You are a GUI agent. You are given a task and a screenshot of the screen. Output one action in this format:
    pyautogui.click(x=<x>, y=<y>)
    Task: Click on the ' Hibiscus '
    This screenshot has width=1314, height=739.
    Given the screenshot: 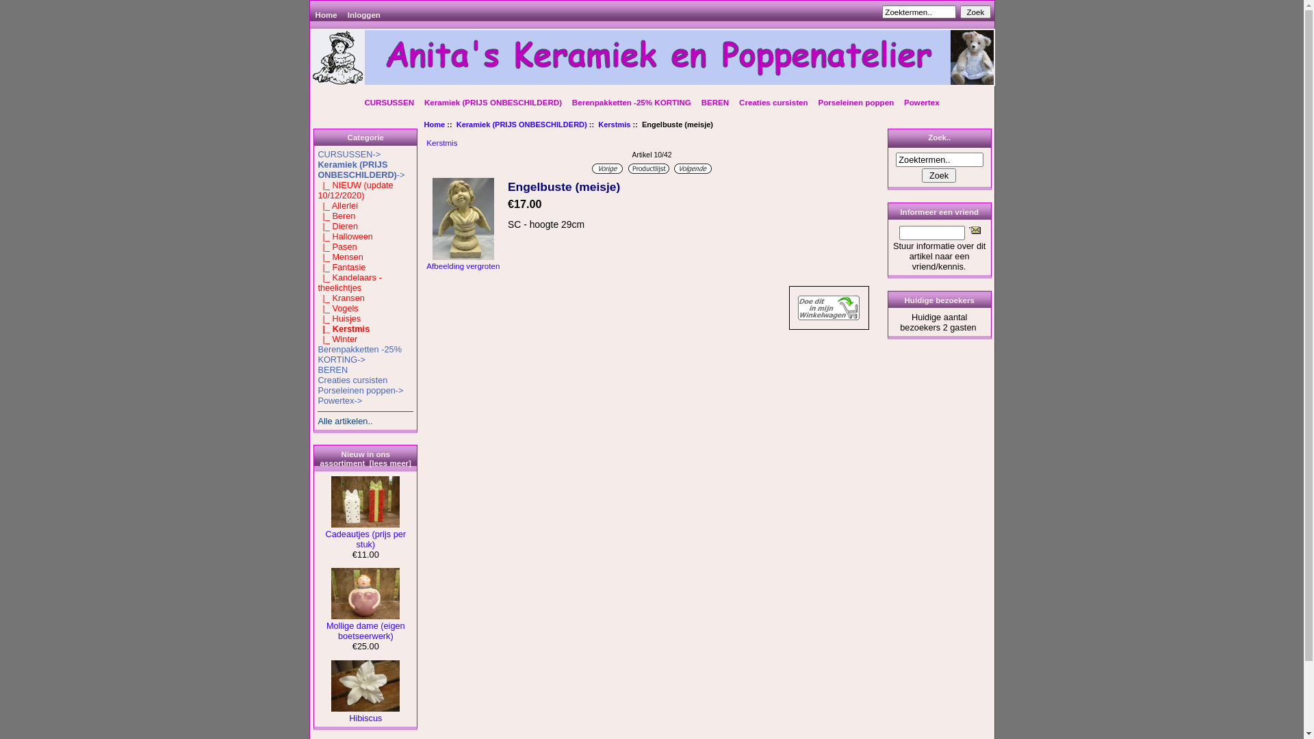 What is the action you would take?
    pyautogui.click(x=365, y=686)
    